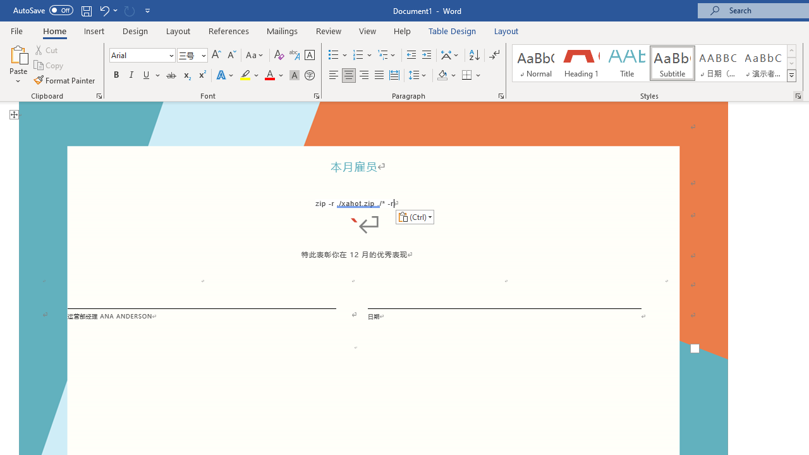 The height and width of the screenshot is (455, 809). Describe the element at coordinates (581, 63) in the screenshot. I see `'Heading 1'` at that location.